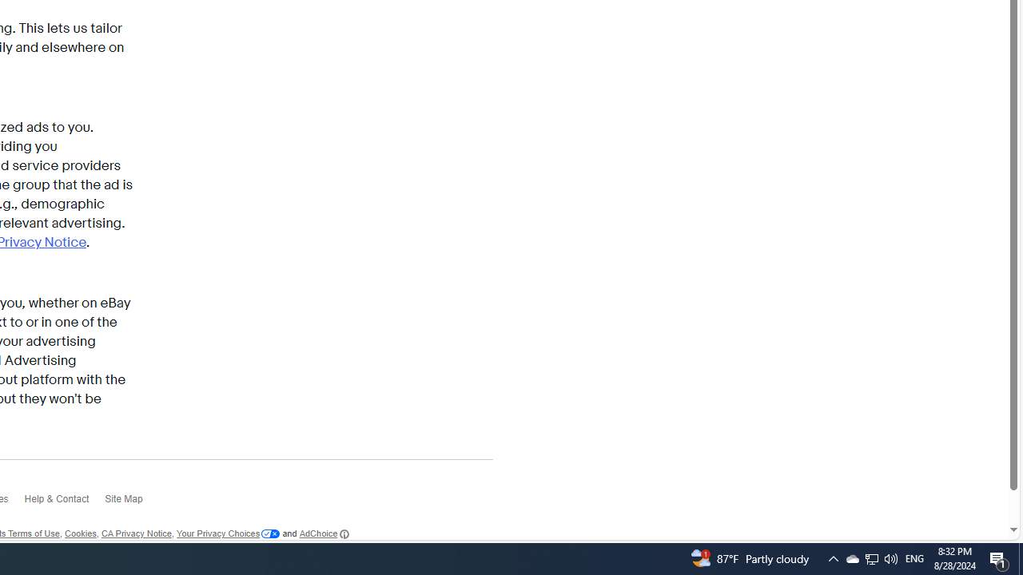 The width and height of the screenshot is (1023, 575). I want to click on 'CA Privacy Notice', so click(136, 534).